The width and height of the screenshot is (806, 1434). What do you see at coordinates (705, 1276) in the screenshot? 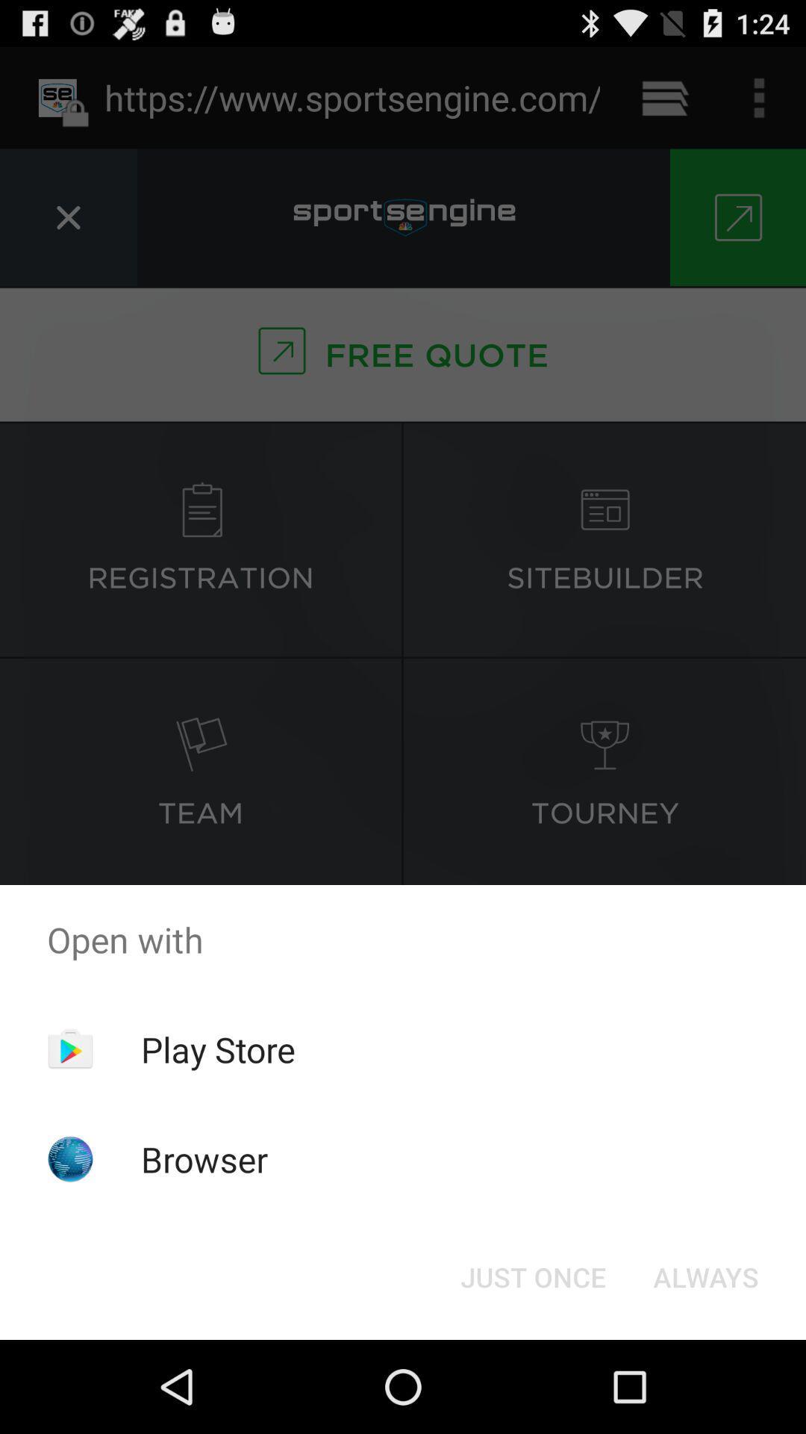
I see `icon at the bottom right corner` at bounding box center [705, 1276].